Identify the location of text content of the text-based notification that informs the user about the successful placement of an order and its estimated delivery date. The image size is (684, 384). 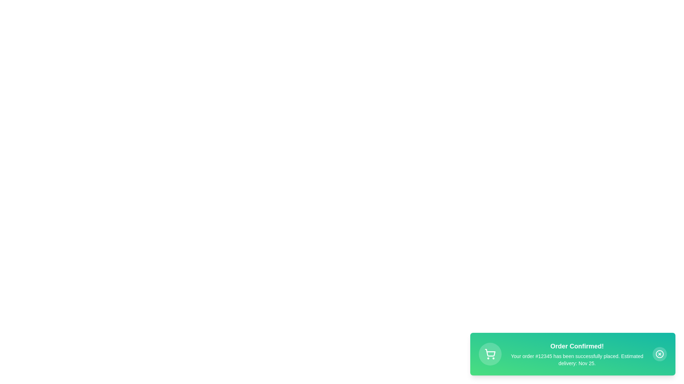
(577, 354).